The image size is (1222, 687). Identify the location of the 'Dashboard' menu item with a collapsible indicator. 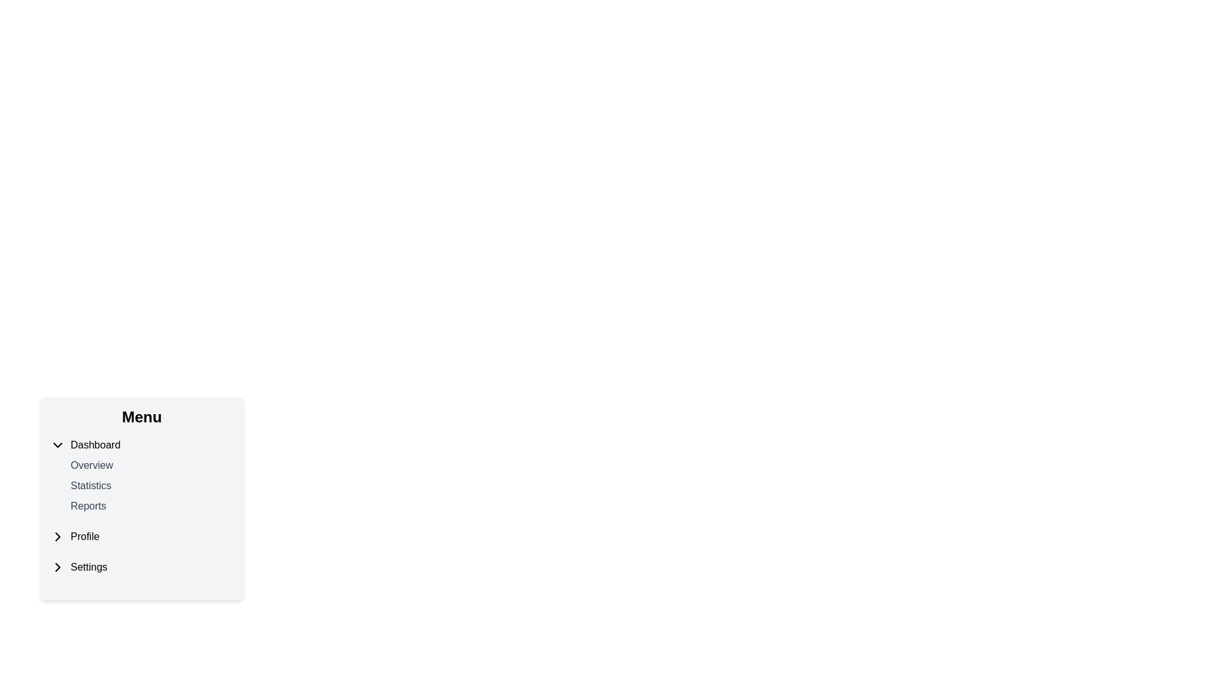
(141, 444).